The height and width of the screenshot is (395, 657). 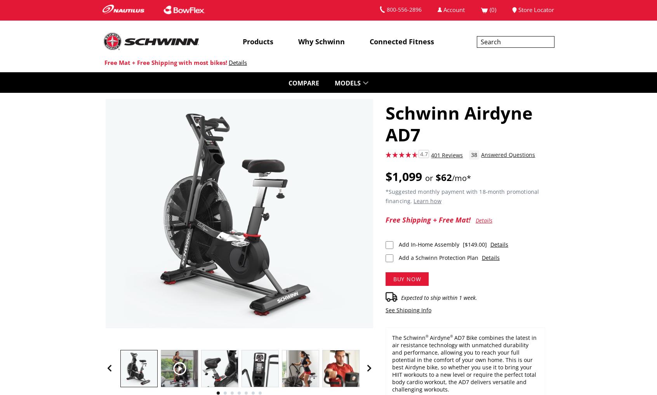 What do you see at coordinates (536, 9) in the screenshot?
I see `'Store Locator'` at bounding box center [536, 9].